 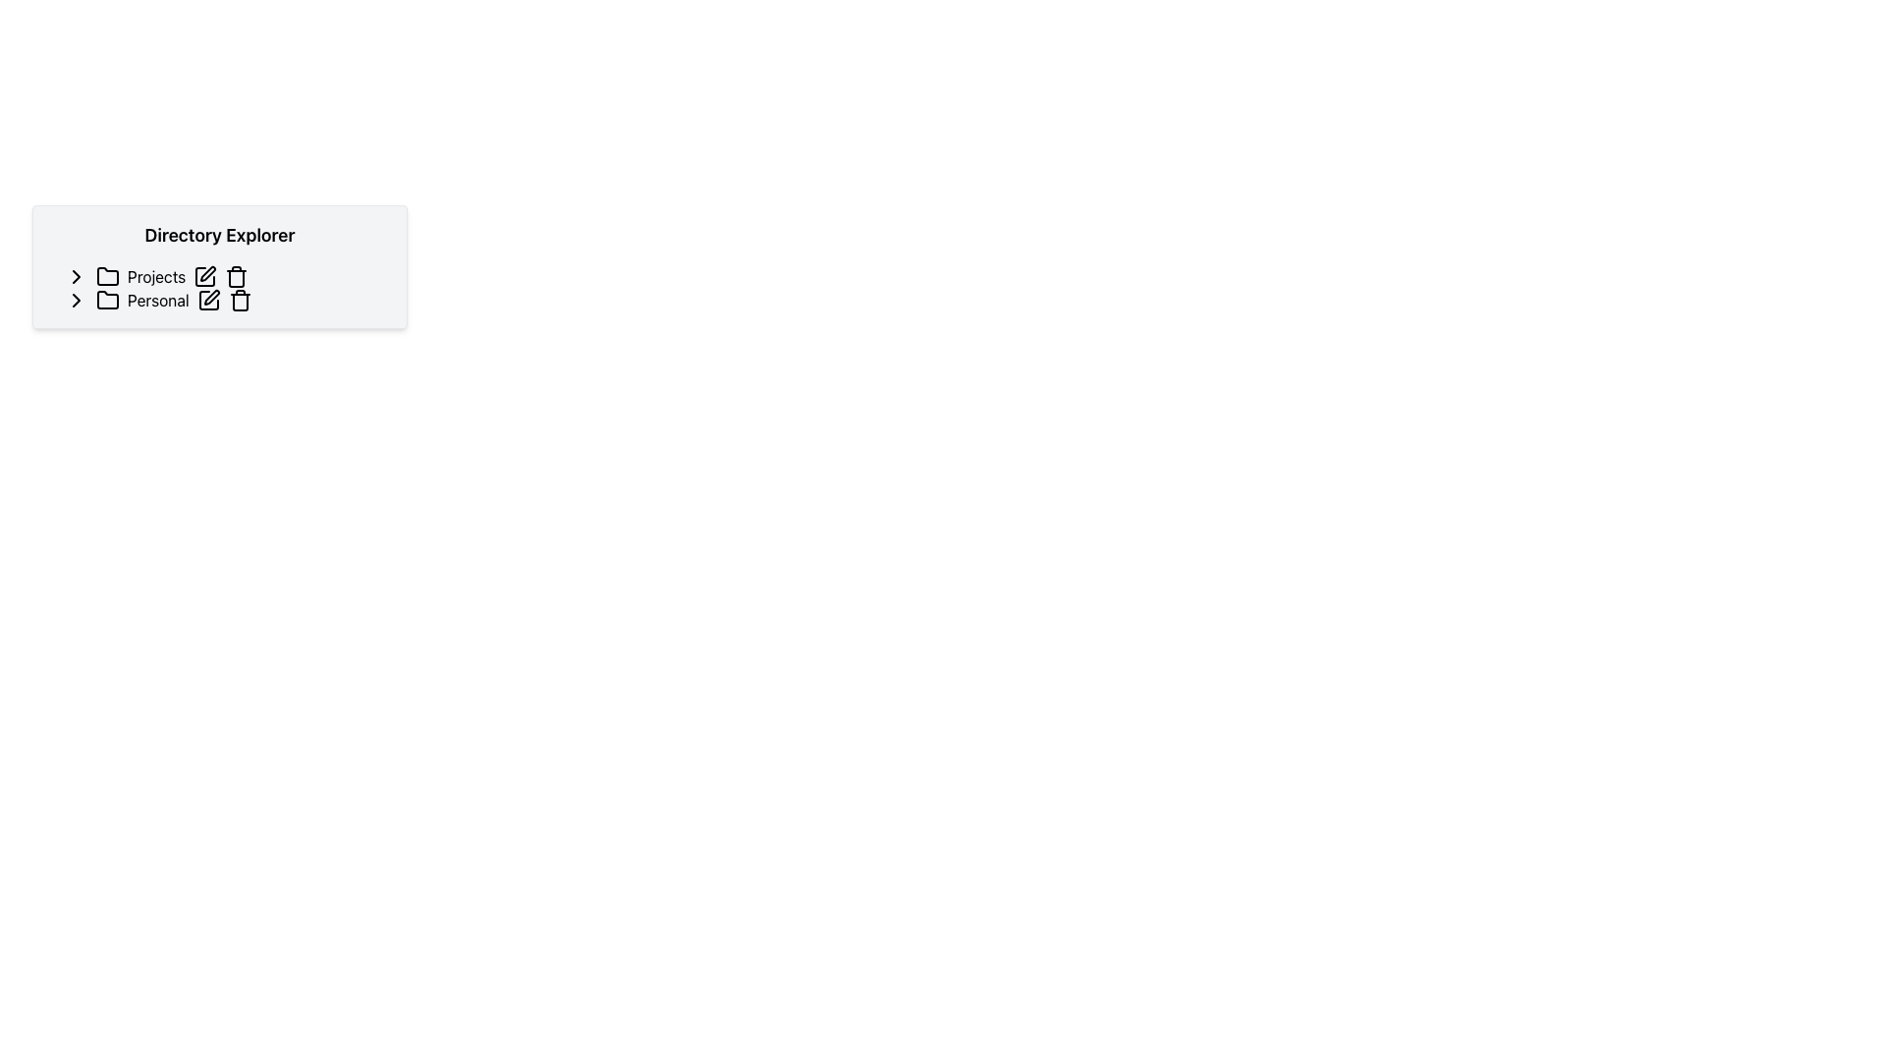 I want to click on on the closed folder icon representing the 'Personal' directory in the Directory Explorer, so click(x=107, y=300).